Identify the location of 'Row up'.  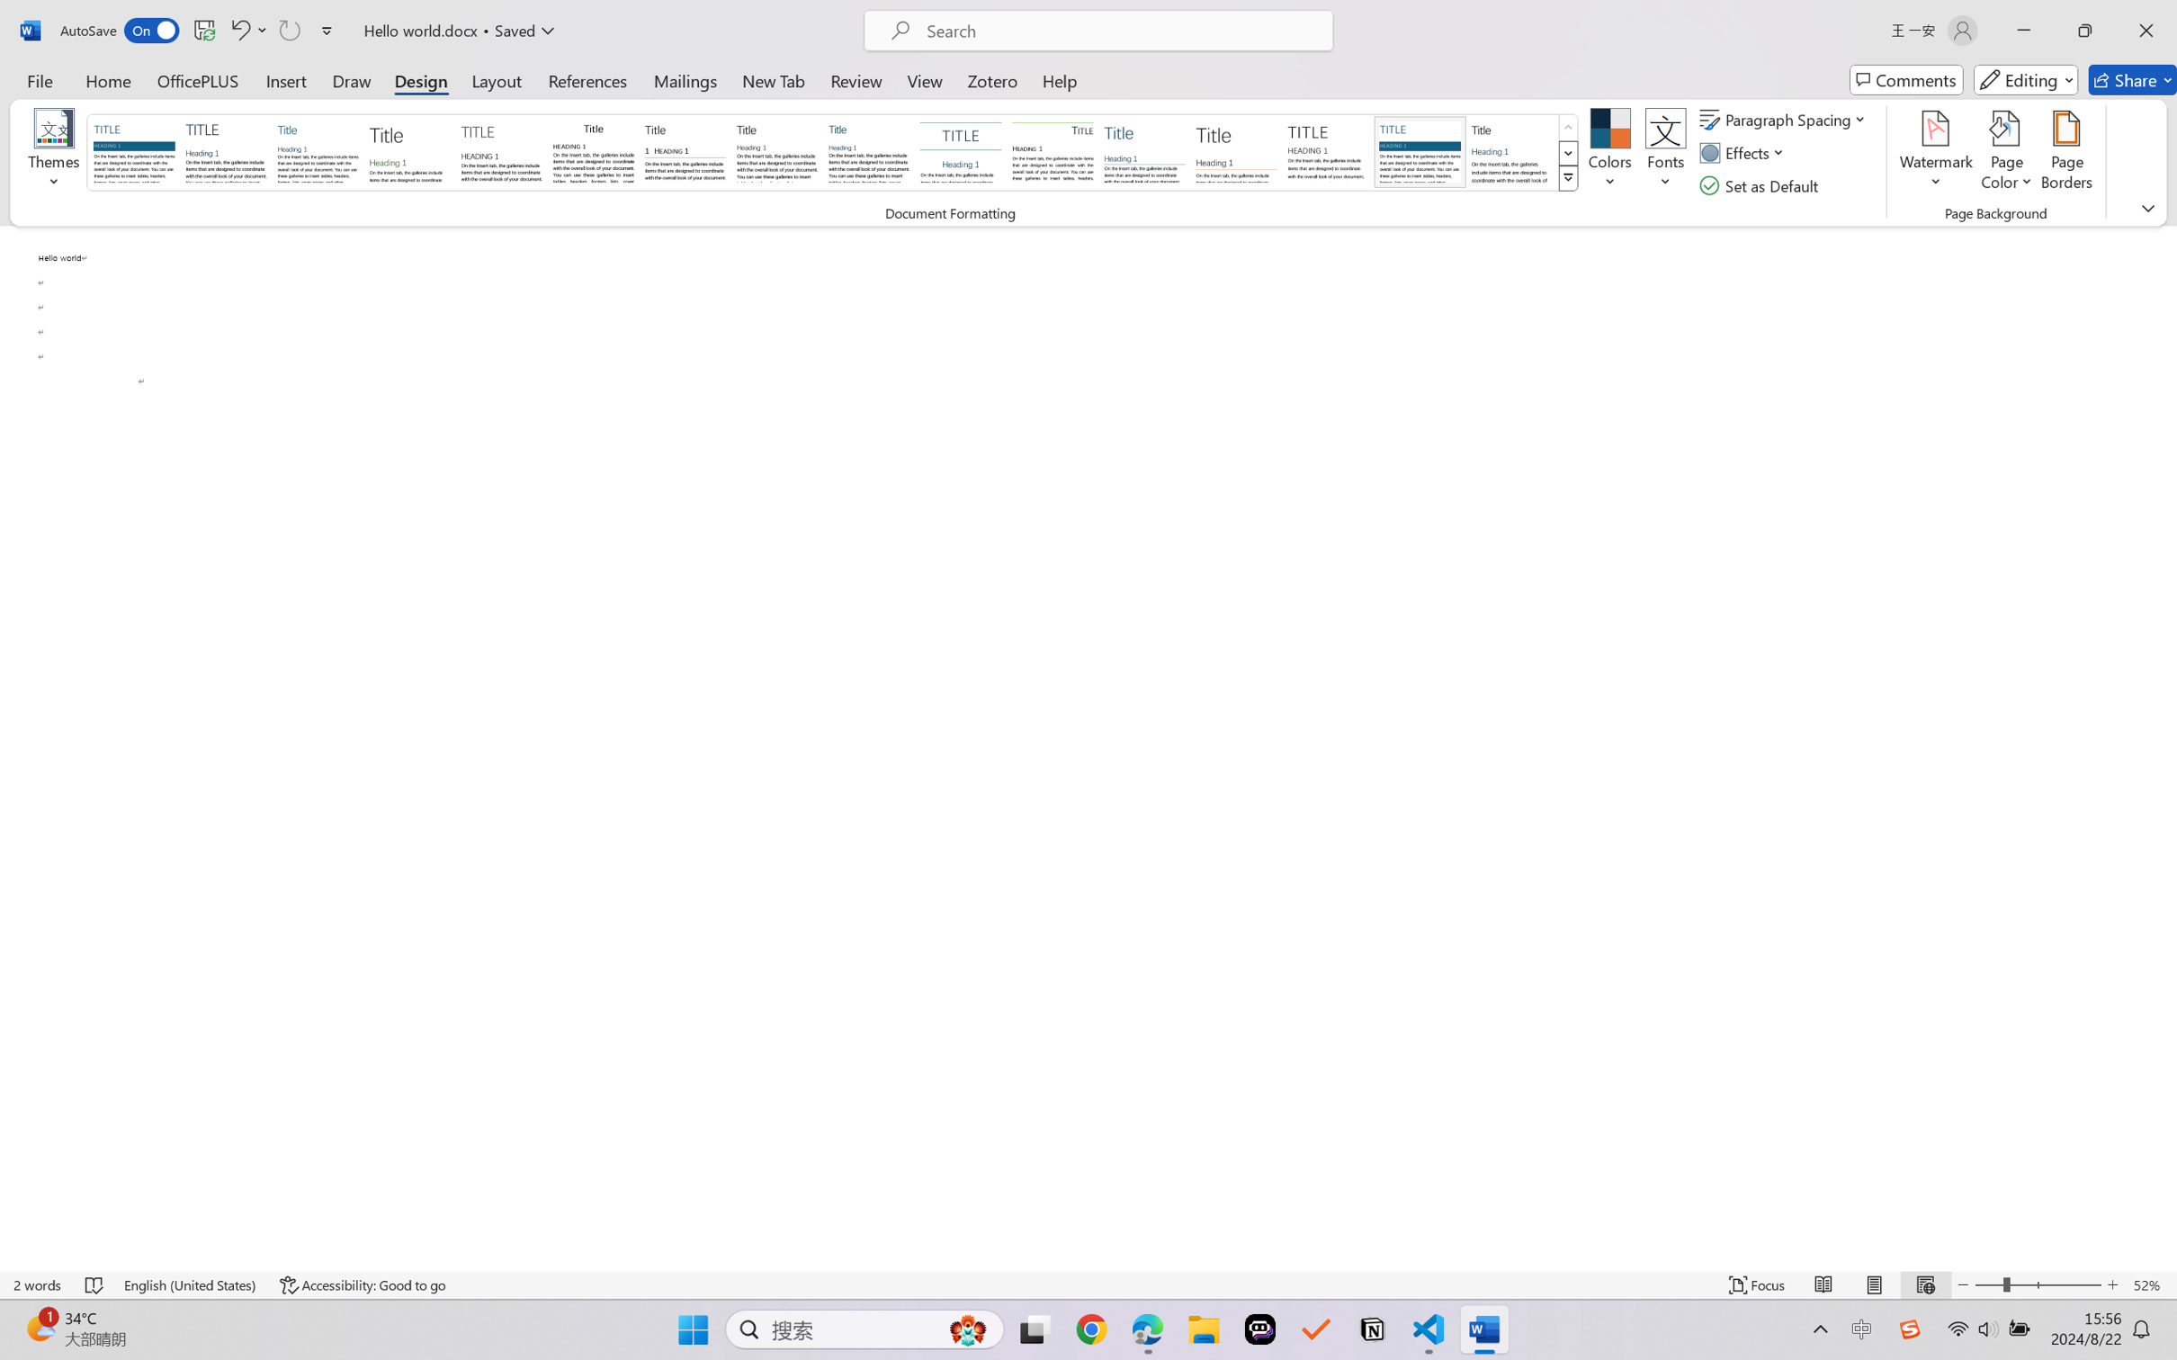
(1567, 127).